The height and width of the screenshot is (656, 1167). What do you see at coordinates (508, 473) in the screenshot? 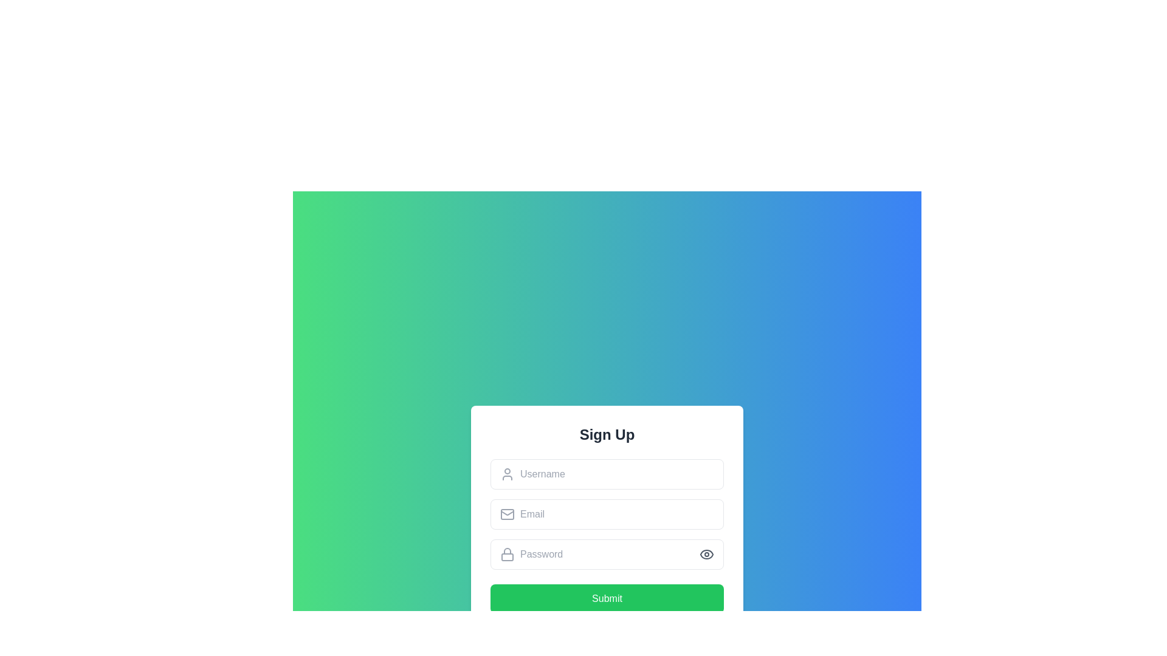
I see `the username icon located on the left side of the 'Username' text input field in the sign-up form` at bounding box center [508, 473].